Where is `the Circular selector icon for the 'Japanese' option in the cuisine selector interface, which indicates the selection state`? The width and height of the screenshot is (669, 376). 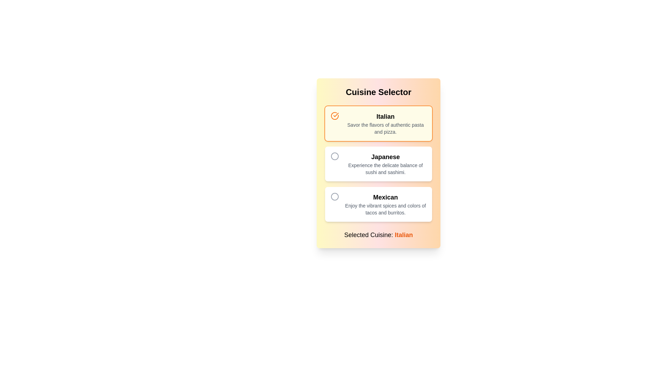
the Circular selector icon for the 'Japanese' option in the cuisine selector interface, which indicates the selection state is located at coordinates (334, 156).